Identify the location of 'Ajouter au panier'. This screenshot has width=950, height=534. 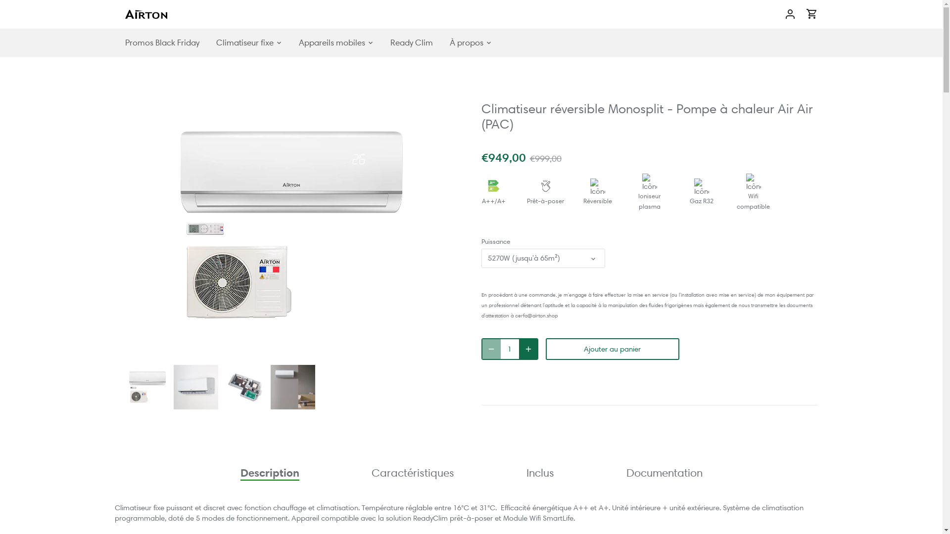
(545, 348).